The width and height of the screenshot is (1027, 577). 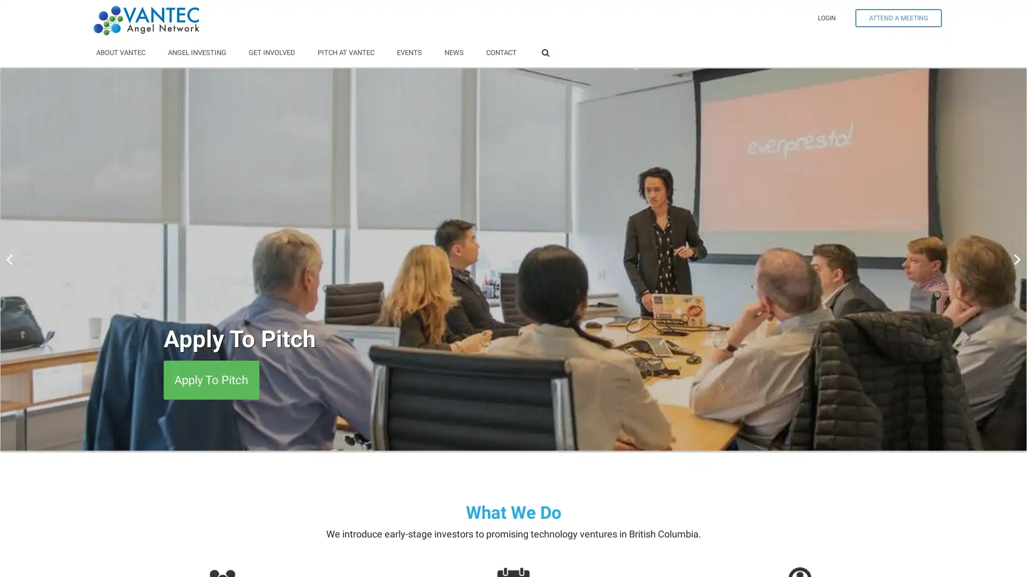 I want to click on Apply To Pitch, so click(x=211, y=379).